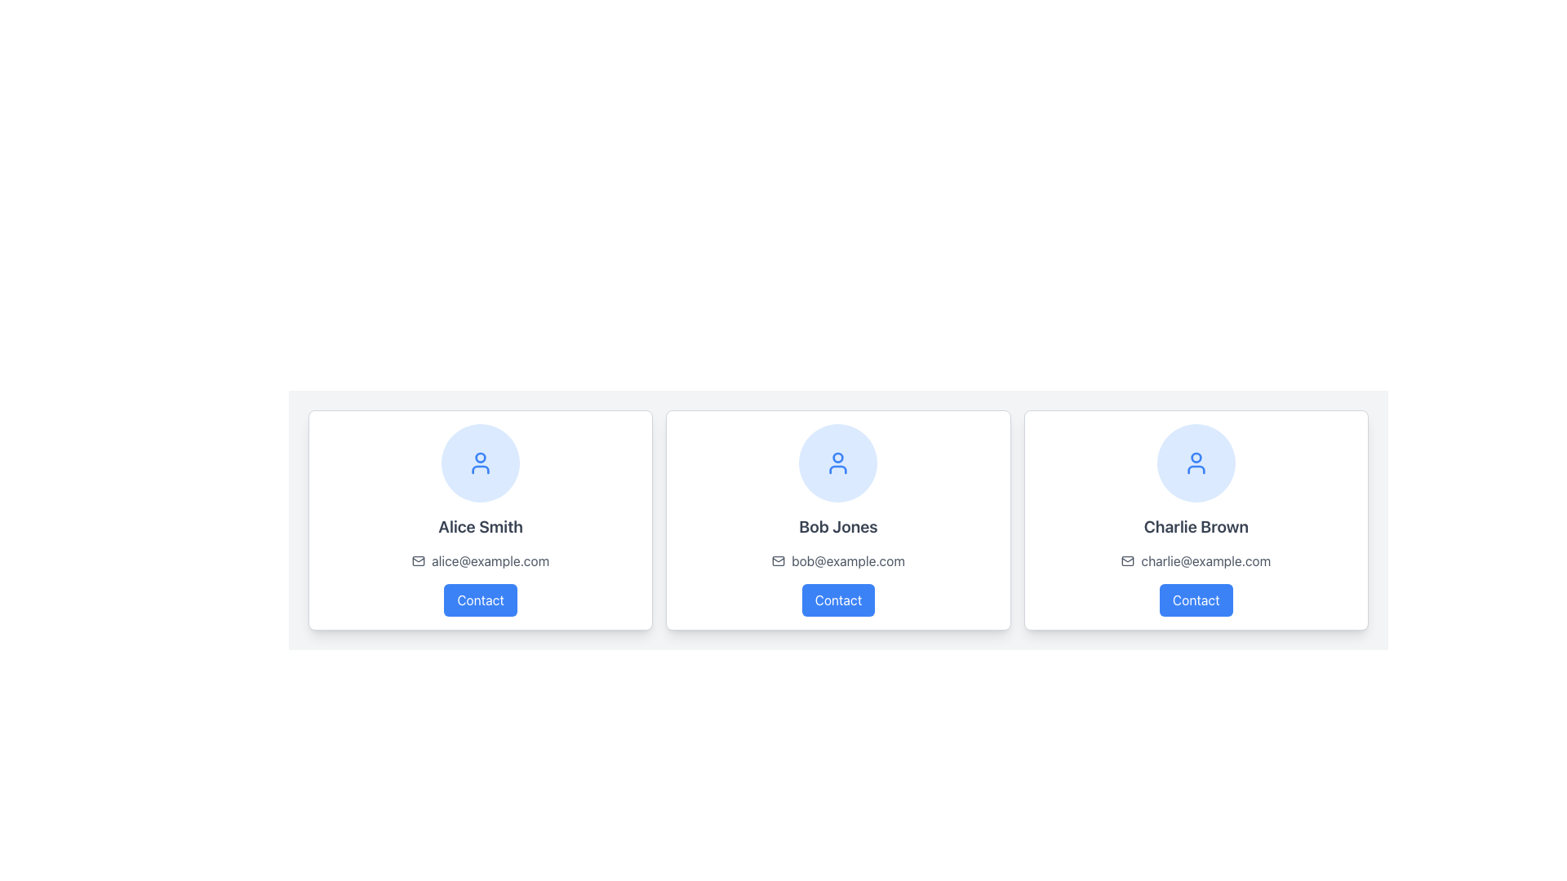 The image size is (1567, 881). What do you see at coordinates (1196, 520) in the screenshot?
I see `information presented in the card which contains the user's name 'Charlie Brown' and email 'charlie@example.com' along with a 'Contact' button at the bottom` at bounding box center [1196, 520].